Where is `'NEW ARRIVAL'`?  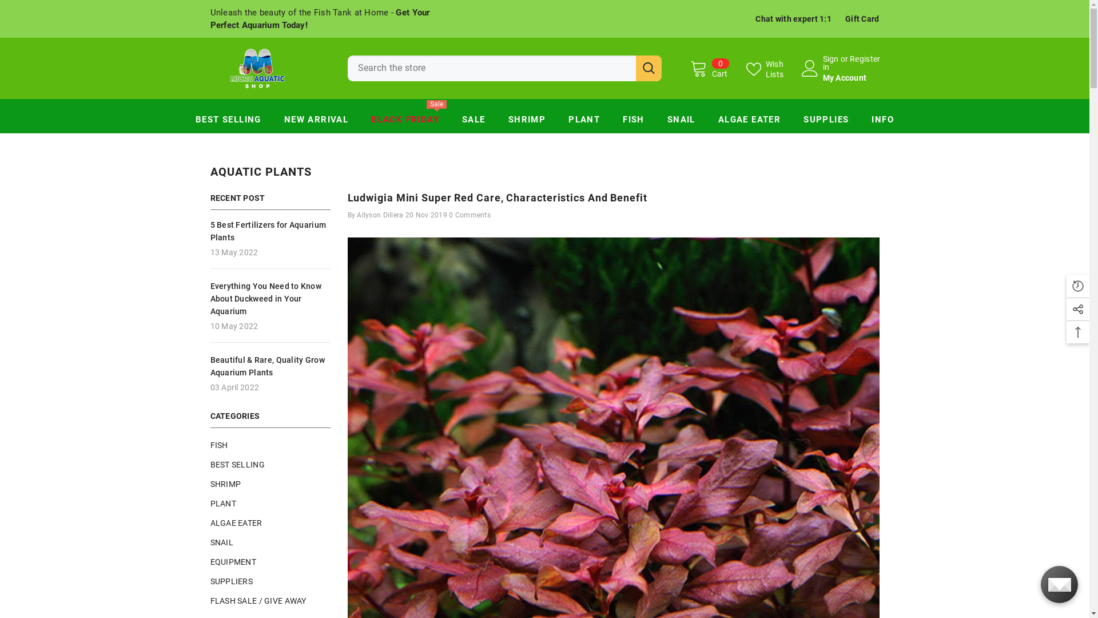 'NEW ARRIVAL' is located at coordinates (272, 122).